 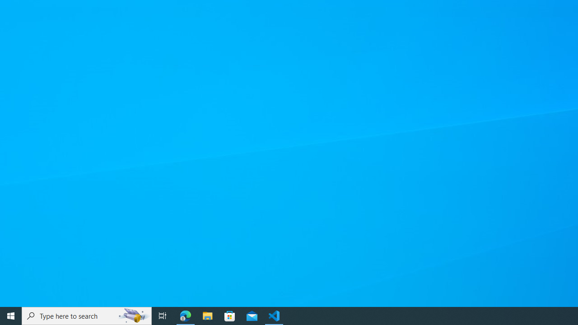 I want to click on 'Search highlights icon opens search home window', so click(x=133, y=315).